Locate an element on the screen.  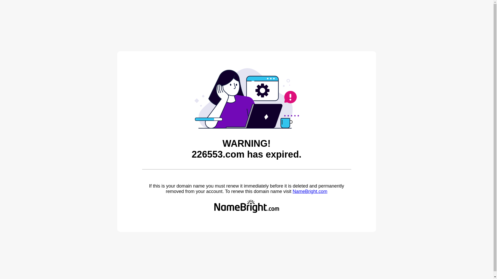
'NameBright.com' is located at coordinates (310, 191).